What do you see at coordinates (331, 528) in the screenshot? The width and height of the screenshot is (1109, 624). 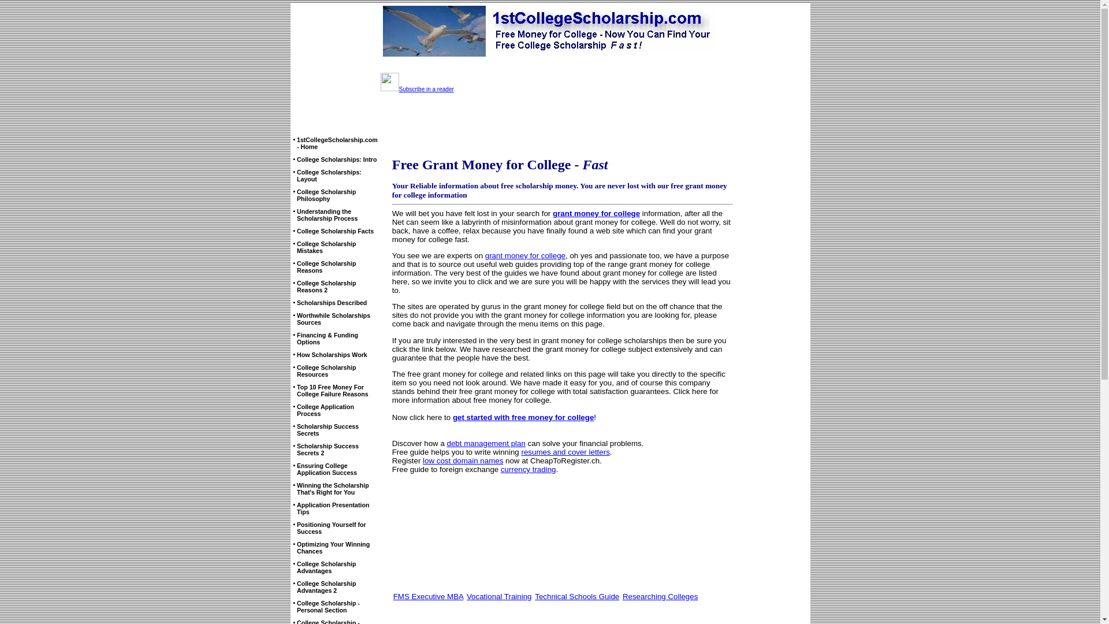 I see `'Positioning Yourself for Success'` at bounding box center [331, 528].